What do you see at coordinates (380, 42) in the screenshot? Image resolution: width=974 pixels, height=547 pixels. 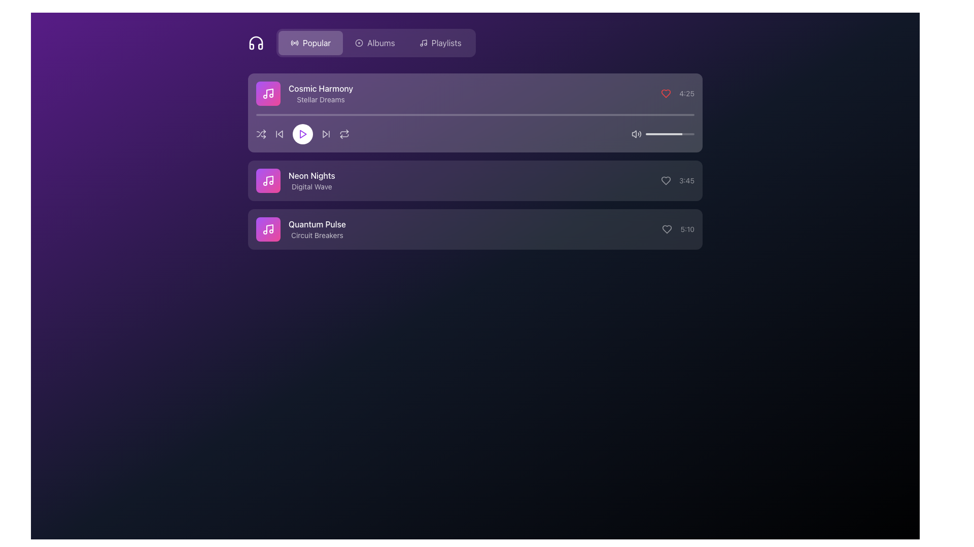 I see `the 'Albums' navigation item in the top-center navigation bar` at bounding box center [380, 42].